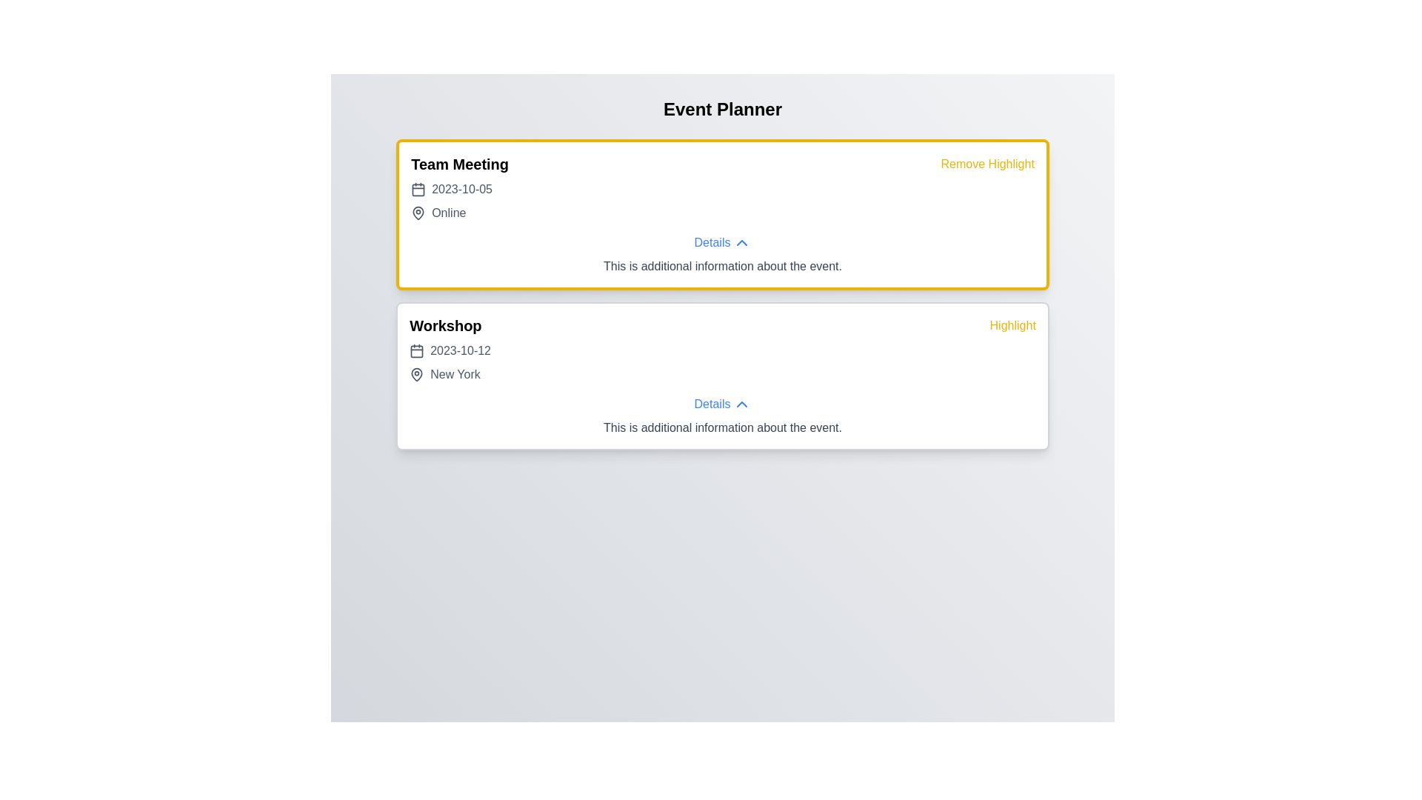 This screenshot has height=800, width=1422. Describe the element at coordinates (416, 351) in the screenshot. I see `the calendar icon located in the 'Workshop' event section, which has a square outline with rounded corners and is styled in dark gray, positioned left of the date '2023-10-12'` at that location.